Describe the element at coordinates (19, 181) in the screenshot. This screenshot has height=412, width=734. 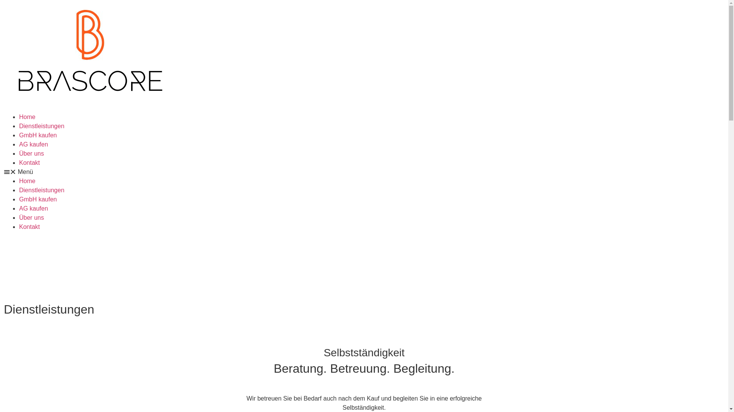
I see `'Home'` at that location.